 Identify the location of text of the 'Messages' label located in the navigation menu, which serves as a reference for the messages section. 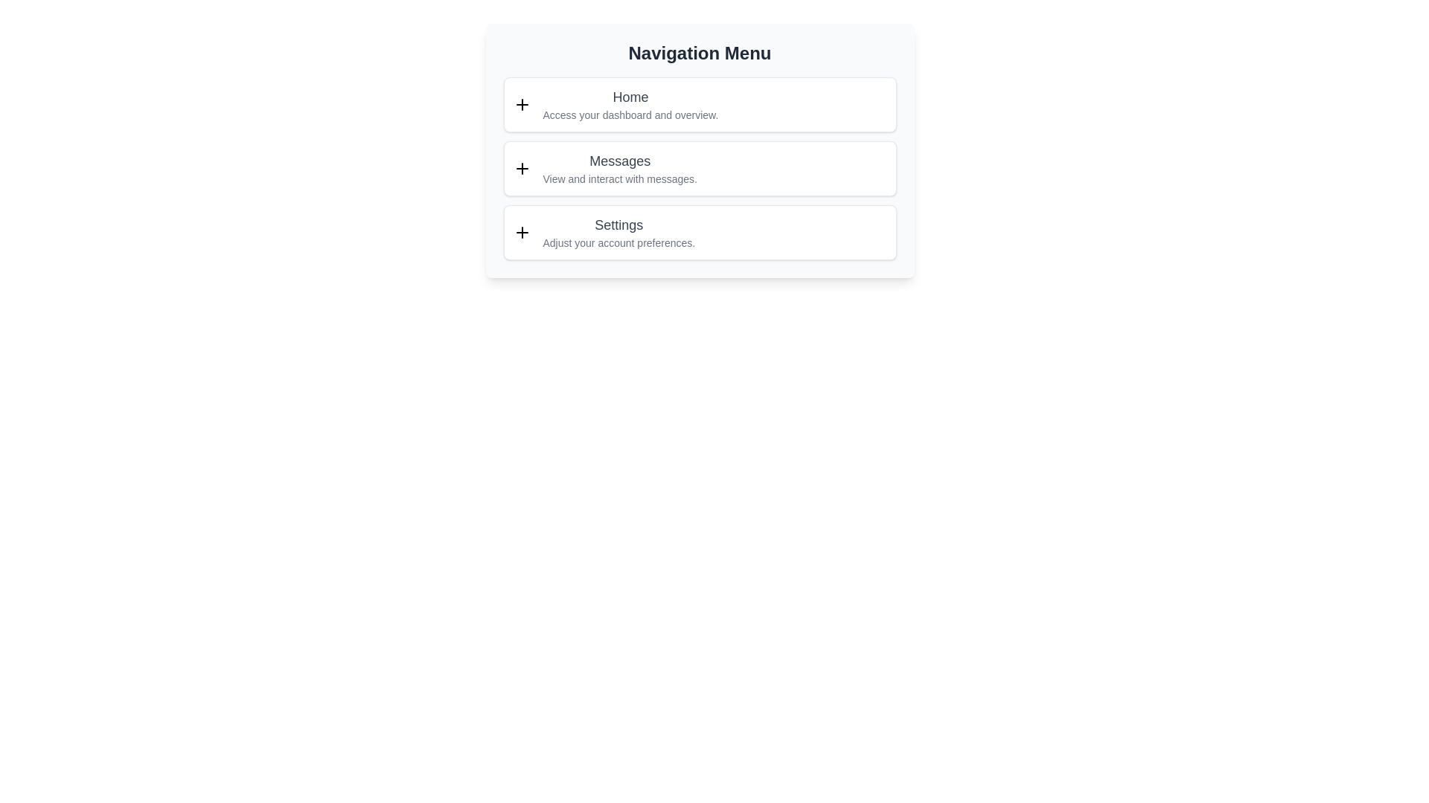
(620, 161).